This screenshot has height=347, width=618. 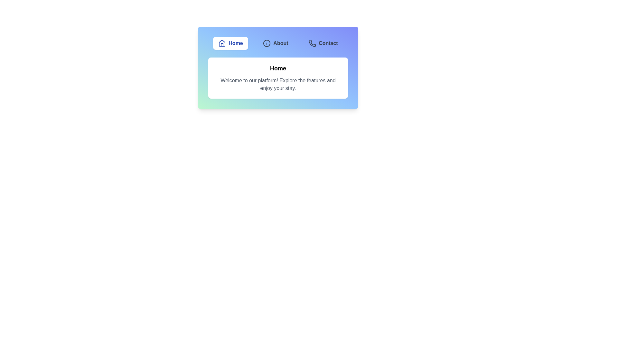 I want to click on the Home tab to navigate to it, so click(x=230, y=43).